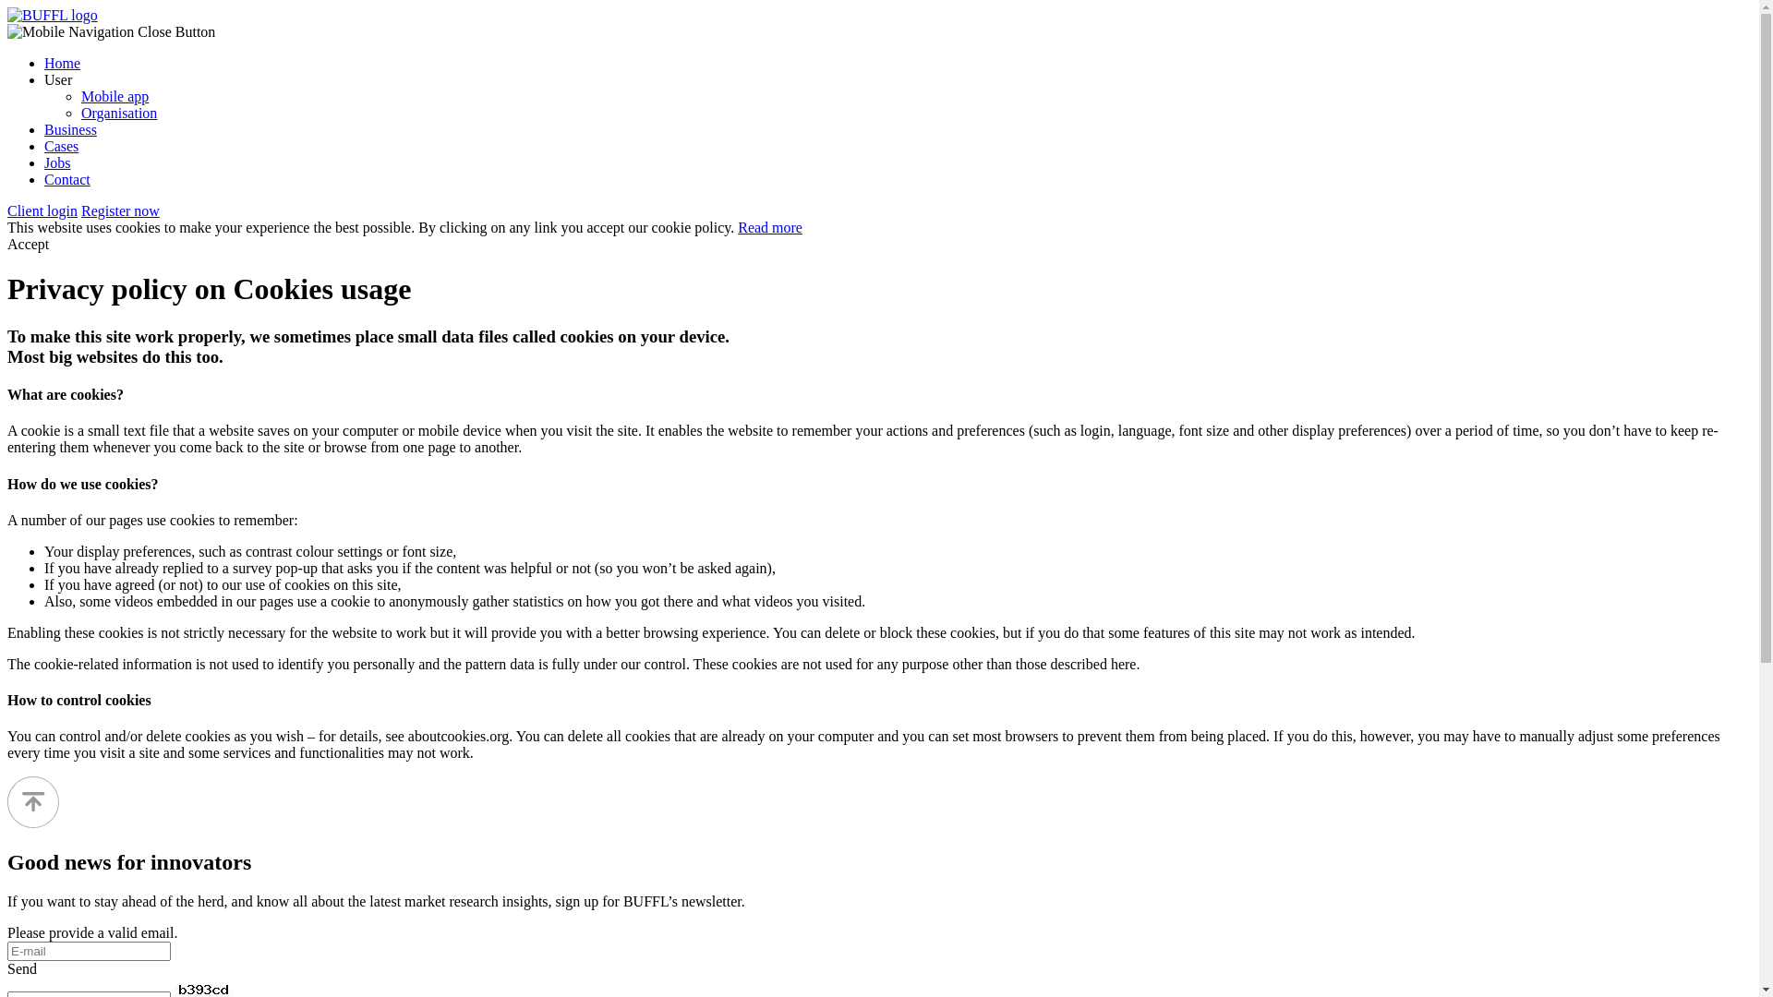 Image resolution: width=1773 pixels, height=997 pixels. What do you see at coordinates (79, 96) in the screenshot?
I see `'Mobile app'` at bounding box center [79, 96].